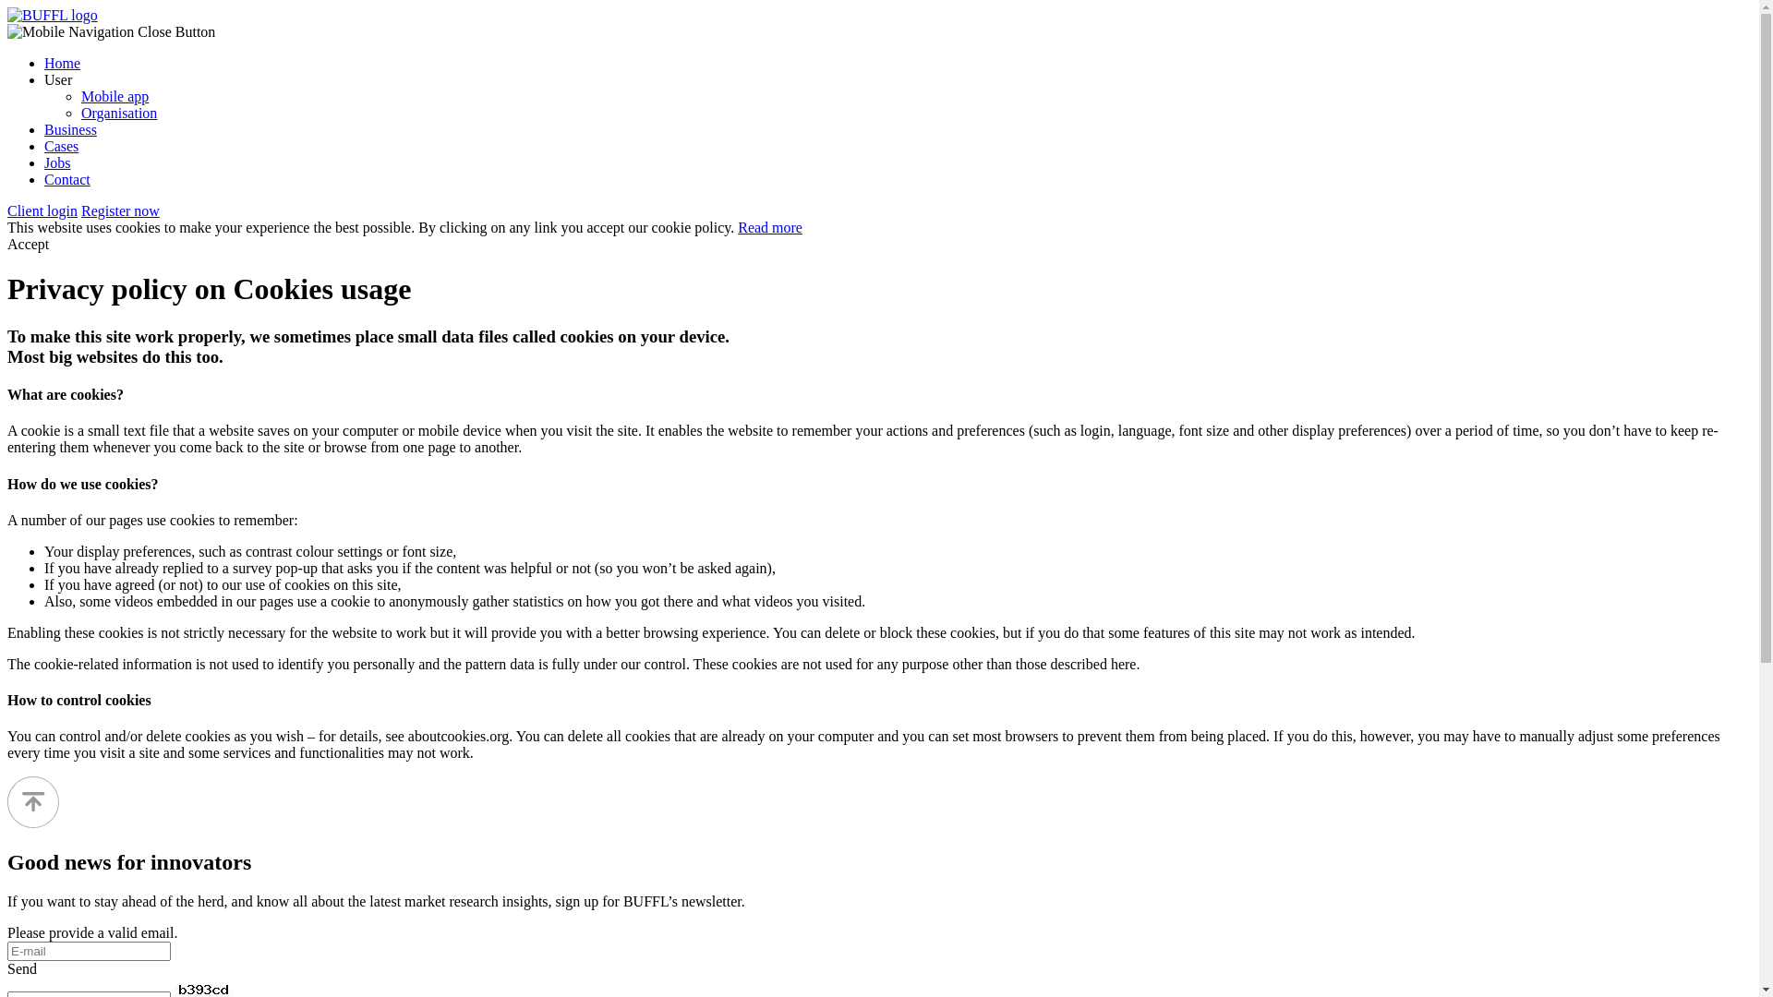 Image resolution: width=1773 pixels, height=997 pixels. What do you see at coordinates (79, 96) in the screenshot?
I see `'Mobile app'` at bounding box center [79, 96].